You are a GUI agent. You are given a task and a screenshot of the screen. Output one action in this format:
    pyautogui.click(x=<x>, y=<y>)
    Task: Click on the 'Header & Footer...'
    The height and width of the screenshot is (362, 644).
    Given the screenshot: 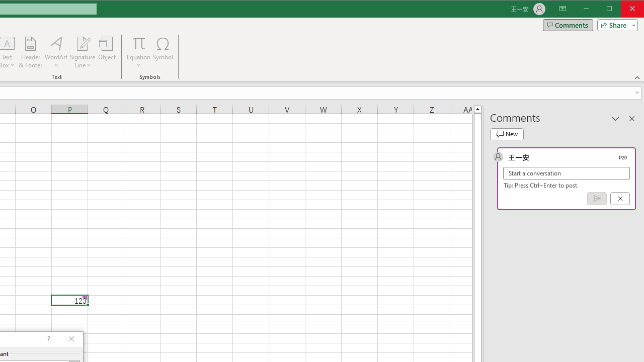 What is the action you would take?
    pyautogui.click(x=30, y=52)
    